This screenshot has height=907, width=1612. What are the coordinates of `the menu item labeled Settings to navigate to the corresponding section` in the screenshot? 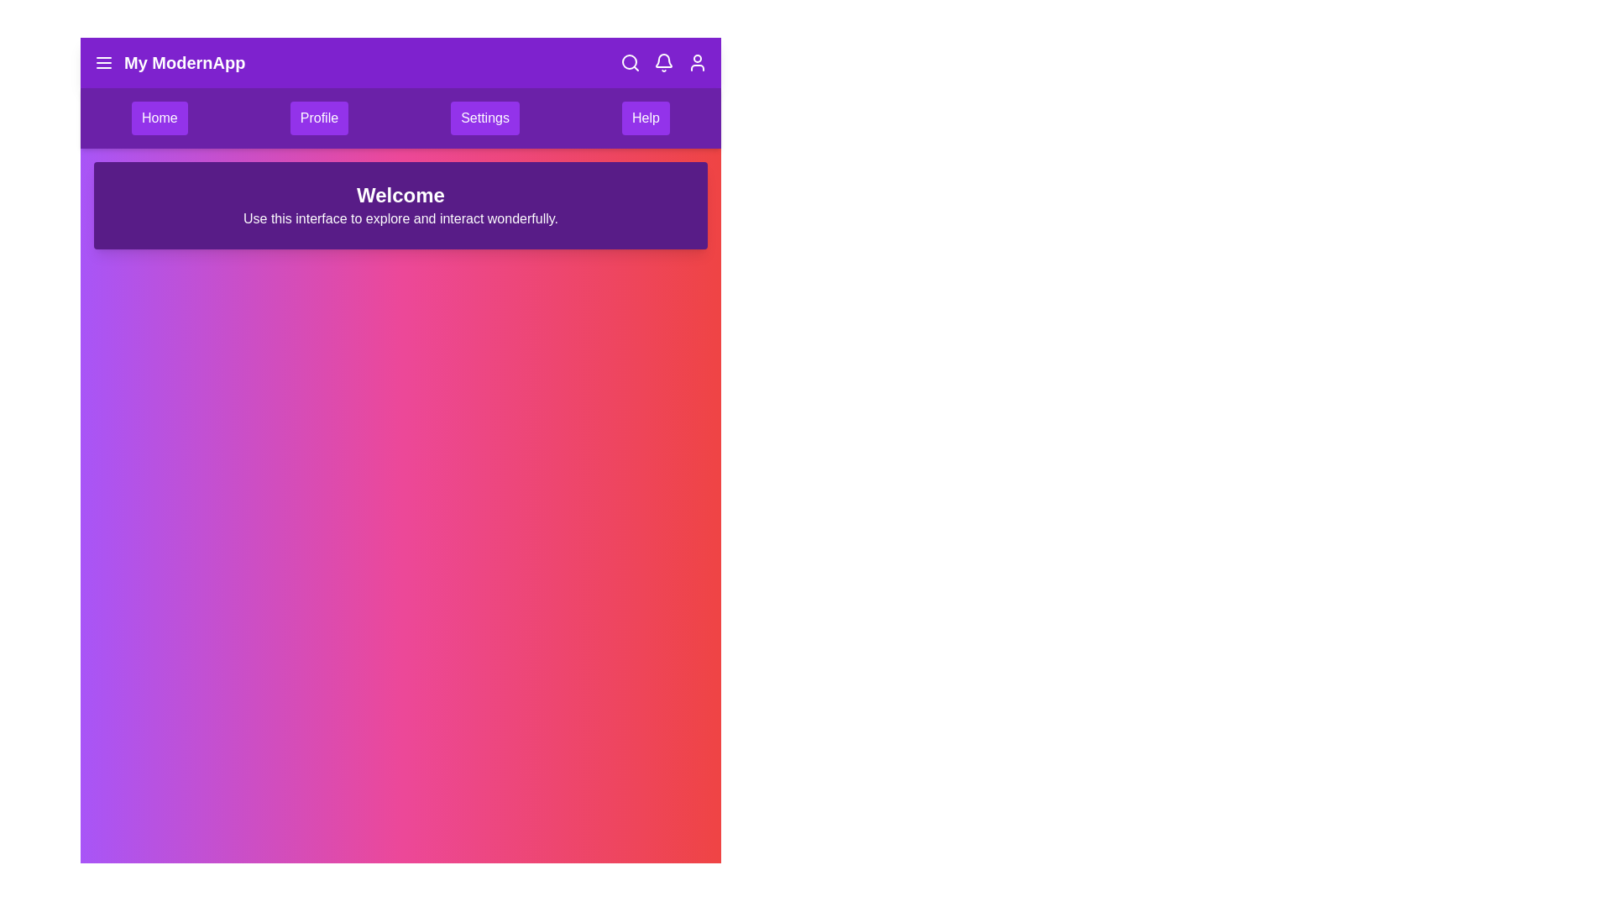 It's located at (484, 118).